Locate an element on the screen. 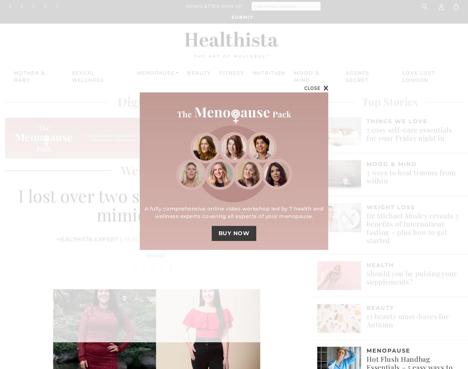 The width and height of the screenshot is (468, 369). 'Healthista Expert |' is located at coordinates (89, 239).